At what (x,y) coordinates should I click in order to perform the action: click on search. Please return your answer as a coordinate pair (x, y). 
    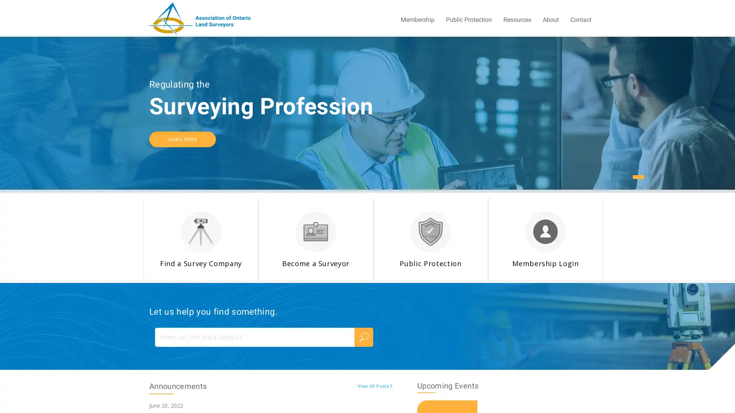
    Looking at the image, I should click on (363, 336).